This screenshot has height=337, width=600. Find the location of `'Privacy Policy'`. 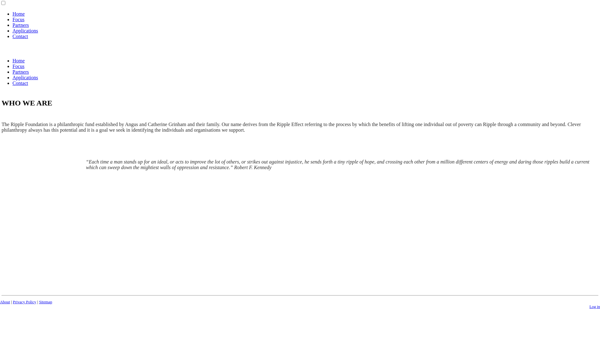

'Privacy Policy' is located at coordinates (24, 302).